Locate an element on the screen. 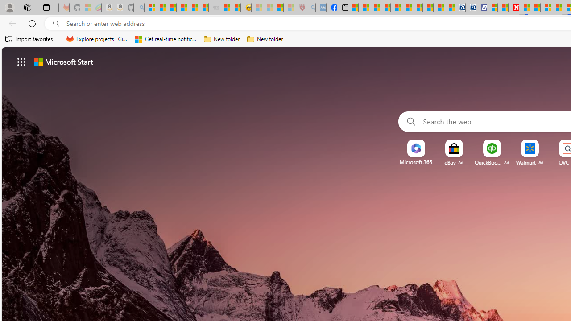 Image resolution: width=571 pixels, height=321 pixels. 'New Report Confirms 2023 Was Record Hot | Watch' is located at coordinates (192, 8).